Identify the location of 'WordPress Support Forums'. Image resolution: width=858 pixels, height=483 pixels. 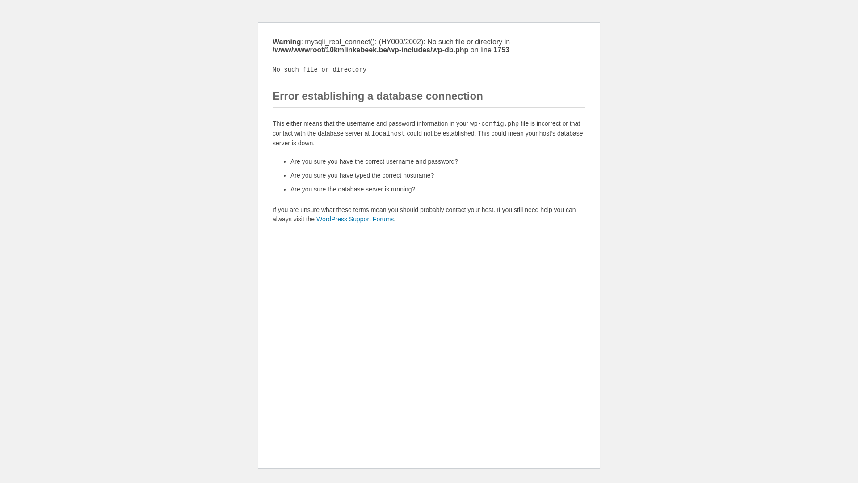
(316, 219).